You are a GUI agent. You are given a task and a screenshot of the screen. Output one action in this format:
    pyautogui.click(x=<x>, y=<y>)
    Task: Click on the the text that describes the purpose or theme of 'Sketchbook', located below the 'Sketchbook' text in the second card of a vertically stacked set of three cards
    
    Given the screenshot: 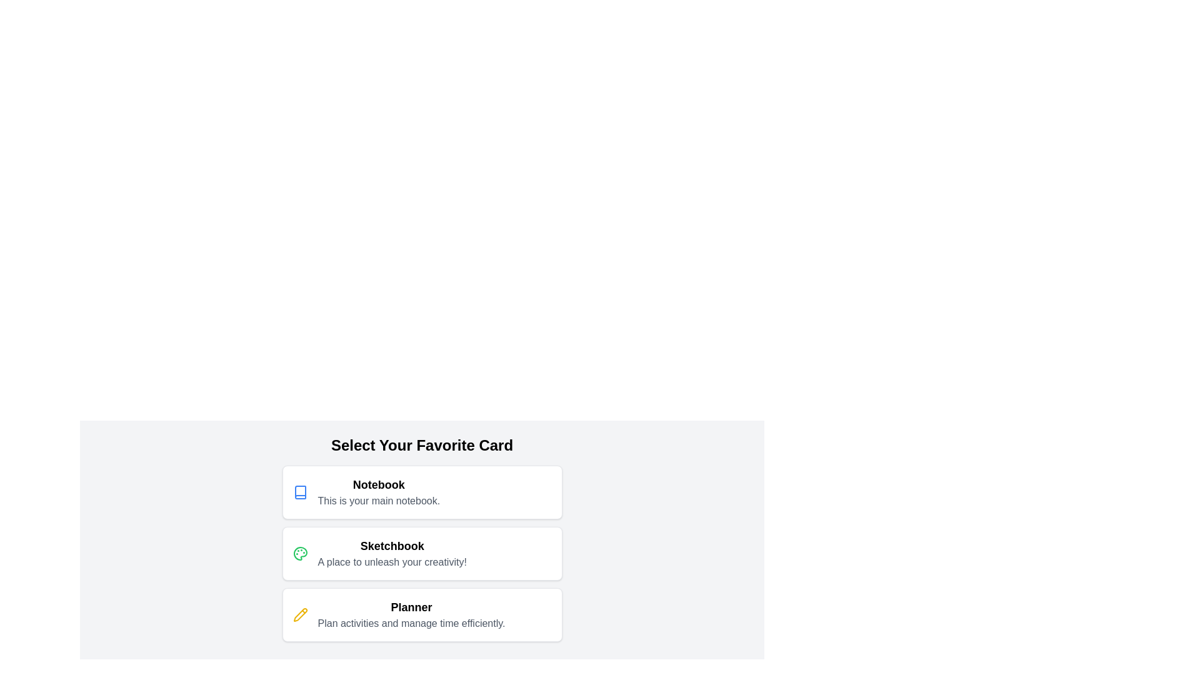 What is the action you would take?
    pyautogui.click(x=391, y=561)
    